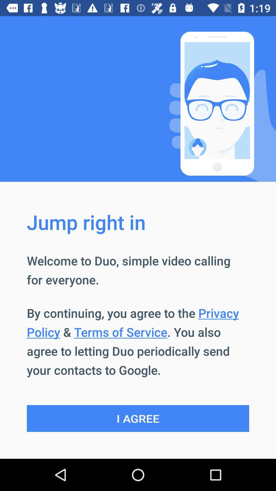 The height and width of the screenshot is (491, 276). Describe the element at coordinates (138, 341) in the screenshot. I see `app below welcome to duo` at that location.